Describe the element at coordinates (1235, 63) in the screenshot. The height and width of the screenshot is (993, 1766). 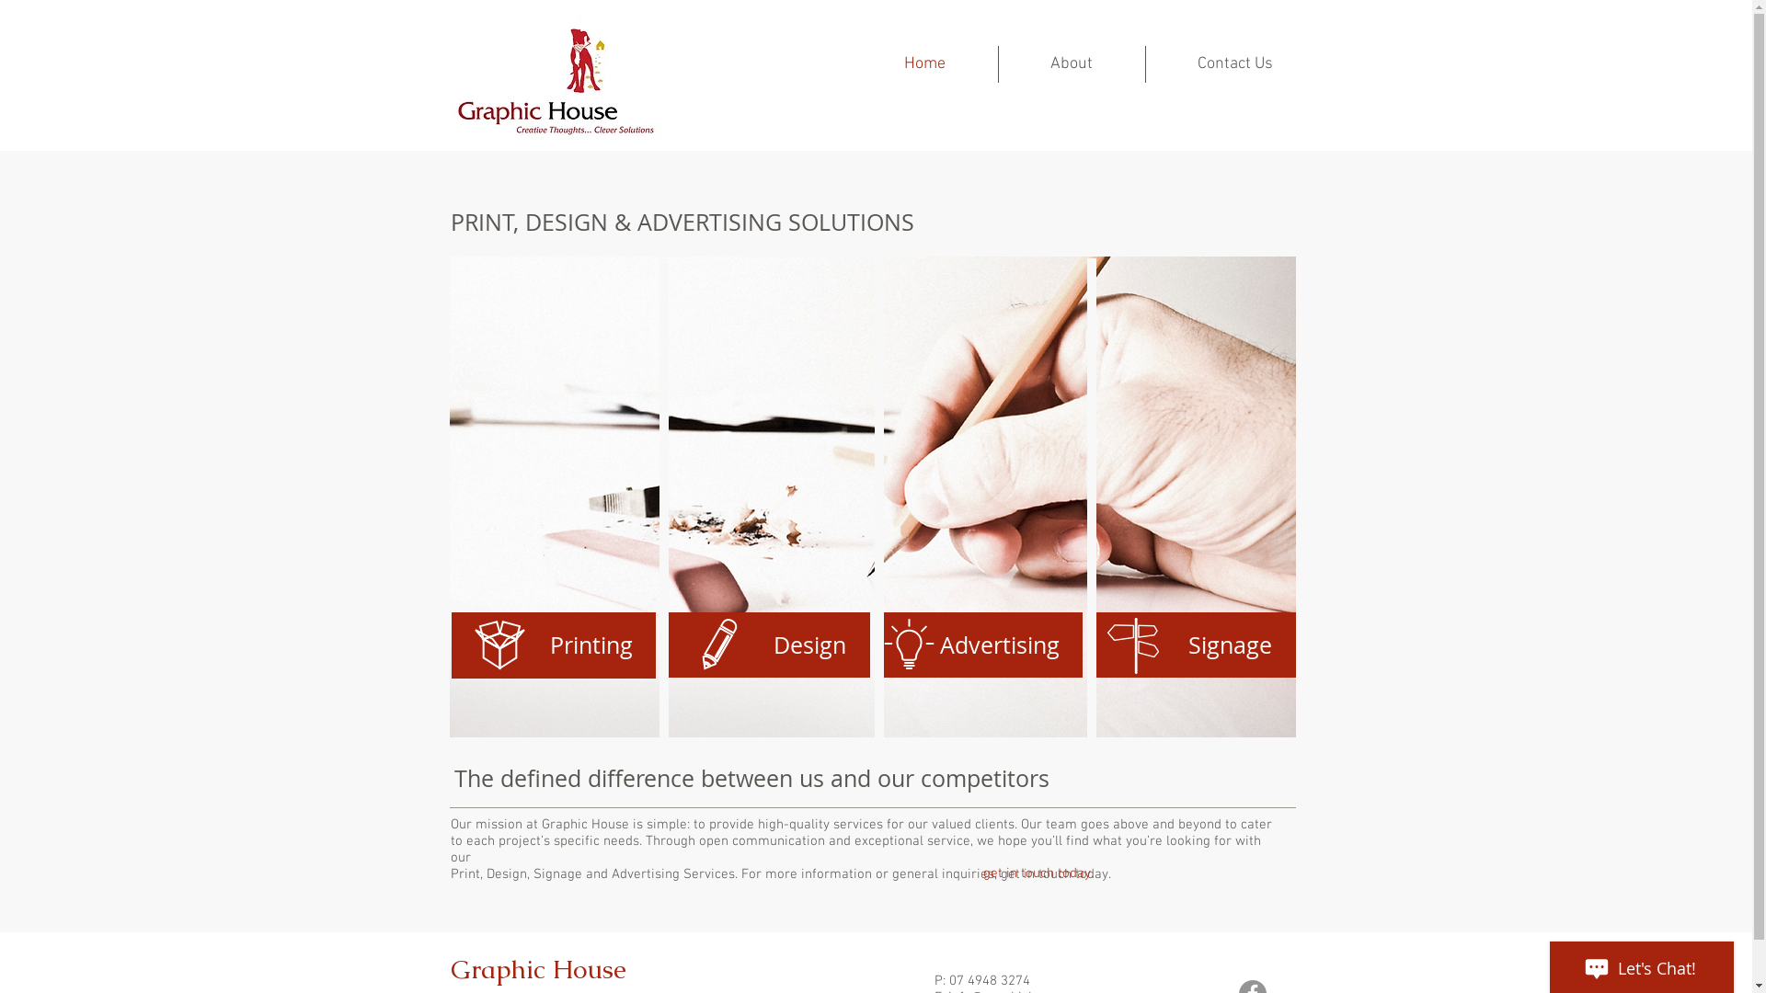
I see `'Contact Us'` at that location.